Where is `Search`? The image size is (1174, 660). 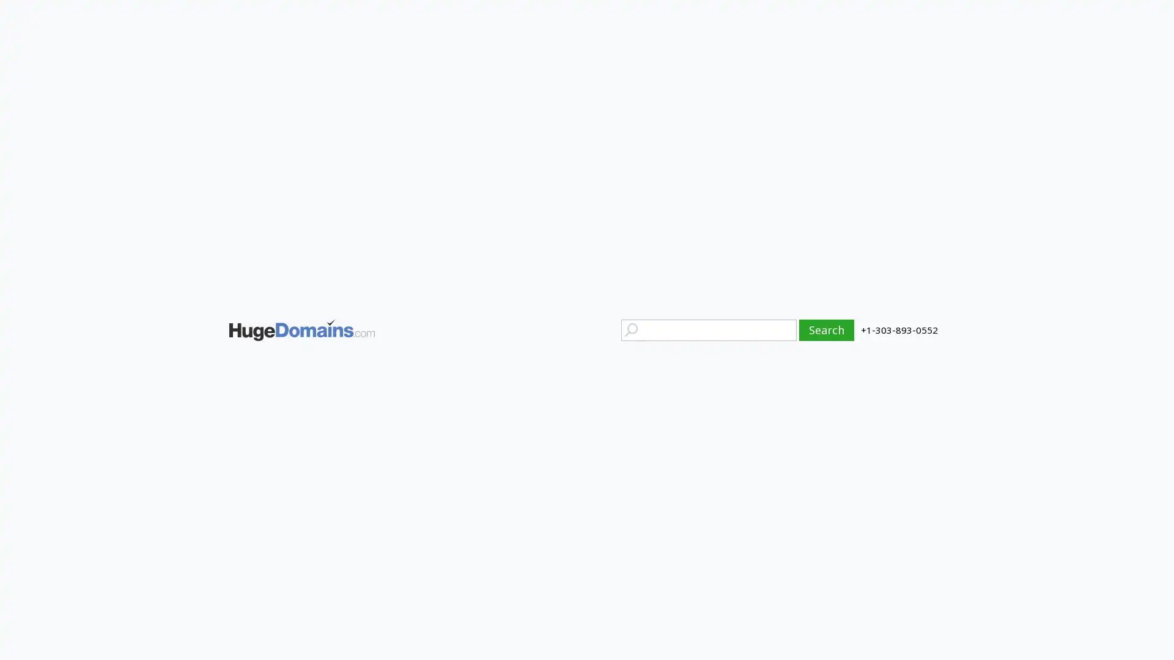
Search is located at coordinates (827, 329).